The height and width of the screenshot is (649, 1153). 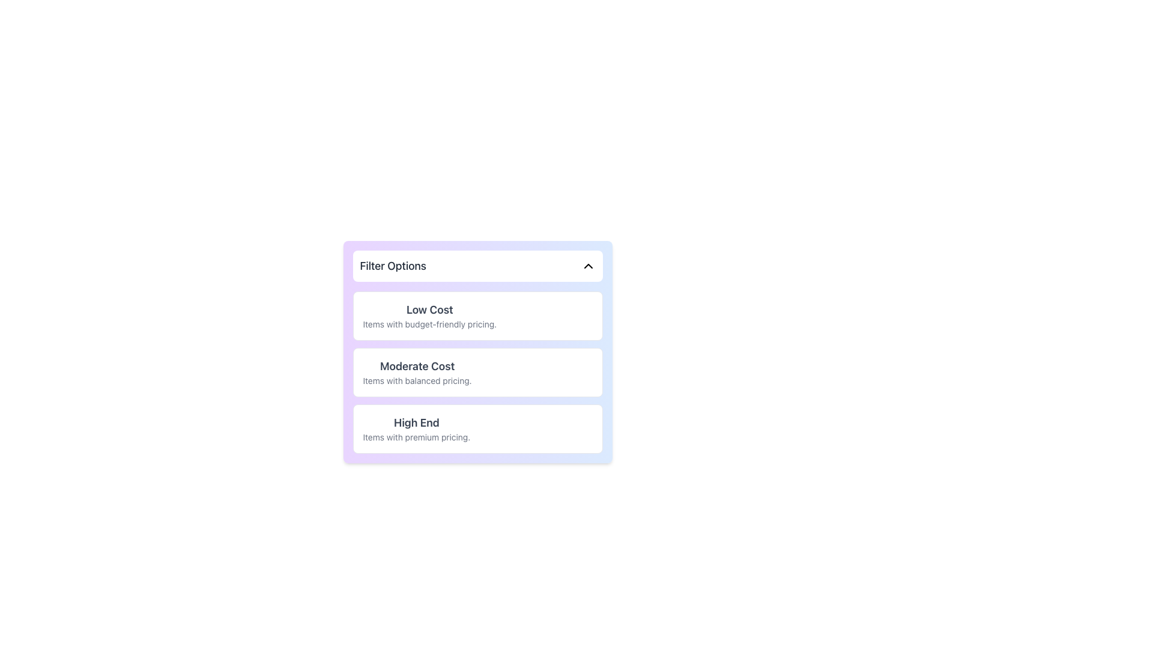 What do you see at coordinates (429, 315) in the screenshot?
I see `the first selectable item in the filter options menu` at bounding box center [429, 315].